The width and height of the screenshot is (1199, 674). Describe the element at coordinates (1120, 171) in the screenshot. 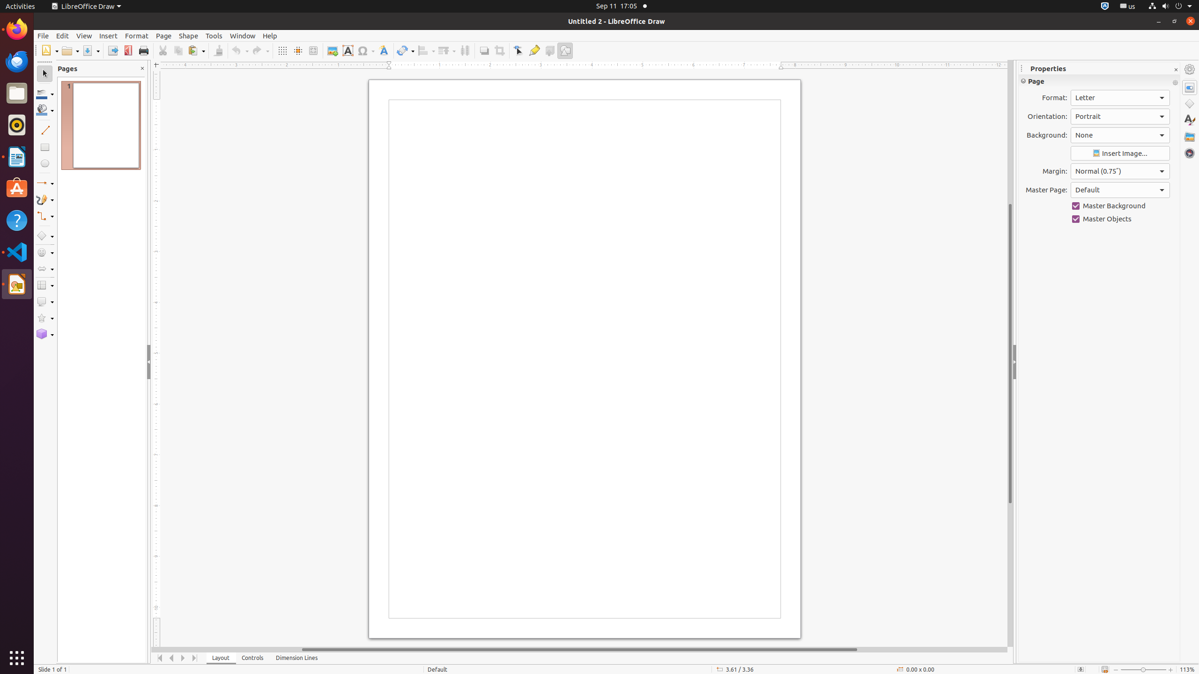

I see `'Margin:'` at that location.